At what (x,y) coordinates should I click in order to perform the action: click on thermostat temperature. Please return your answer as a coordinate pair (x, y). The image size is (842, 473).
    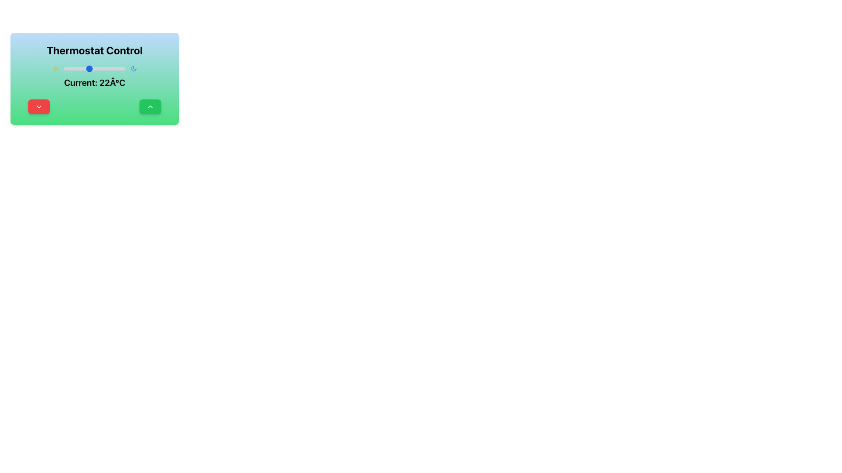
    Looking at the image, I should click on (78, 68).